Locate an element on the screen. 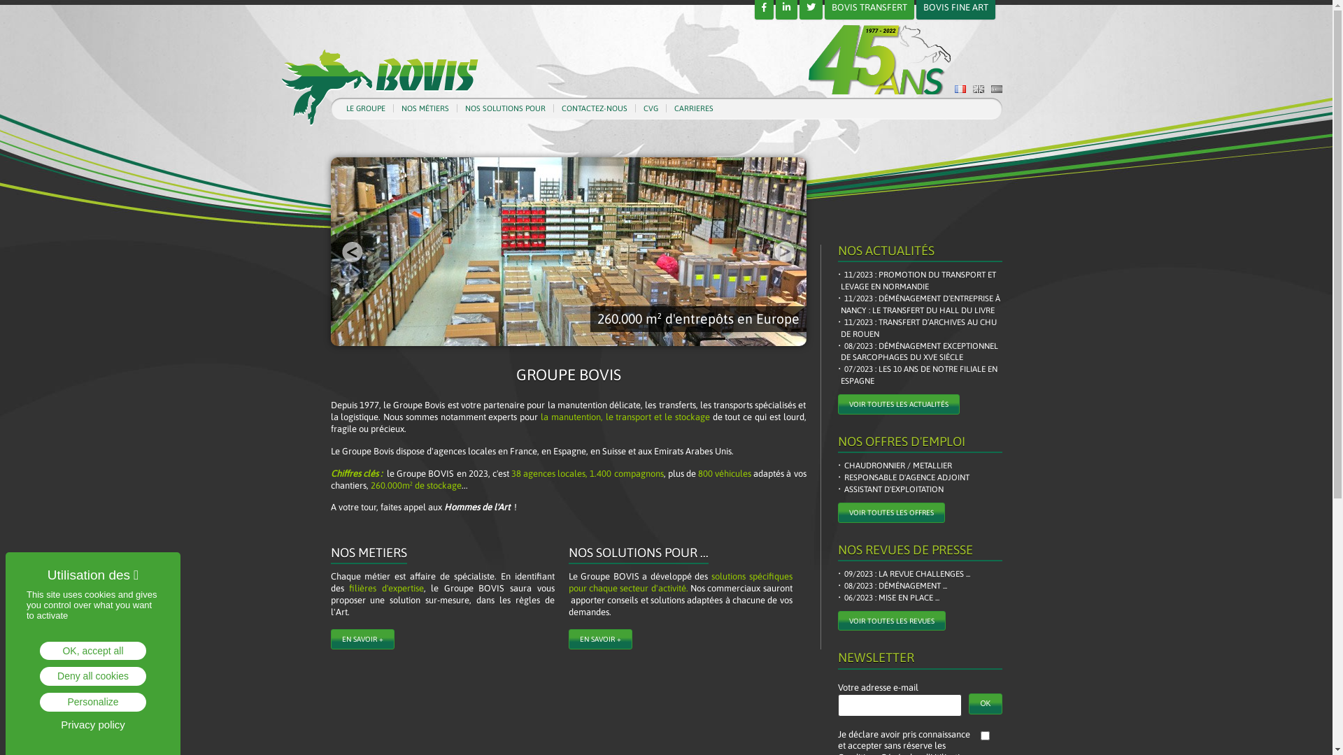 This screenshot has width=1343, height=755. '09/2023 : LA REVUE CHALLENGES ...' is located at coordinates (905, 574).